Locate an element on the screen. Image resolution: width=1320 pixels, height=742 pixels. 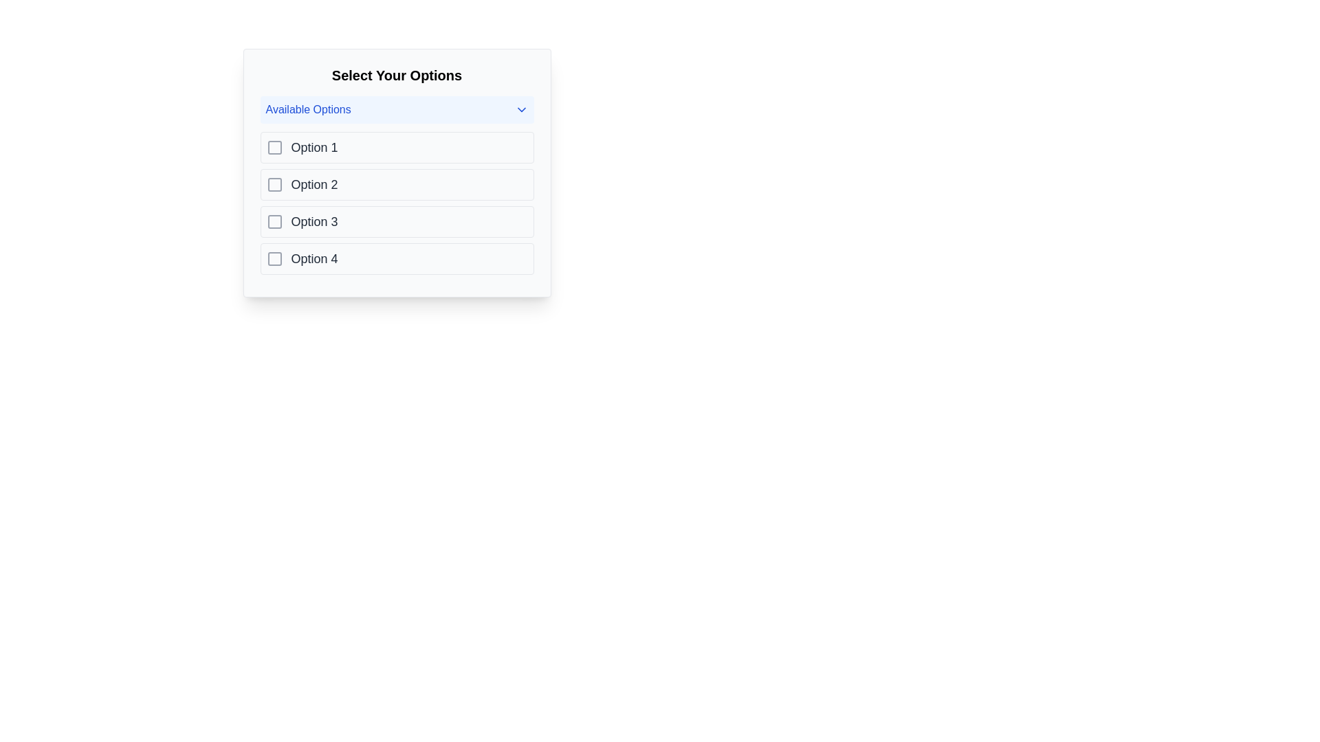
text of the label displaying 'Option 2', which is styled in dark gray and positioned to the right of an icon in the second option row is located at coordinates (313, 184).